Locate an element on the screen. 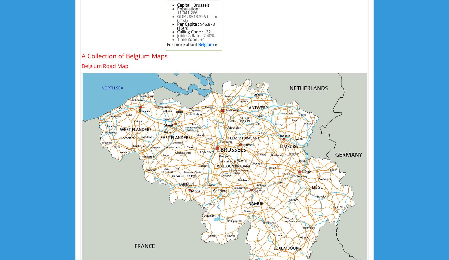 The height and width of the screenshot is (260, 449). '+1' is located at coordinates (200, 39).